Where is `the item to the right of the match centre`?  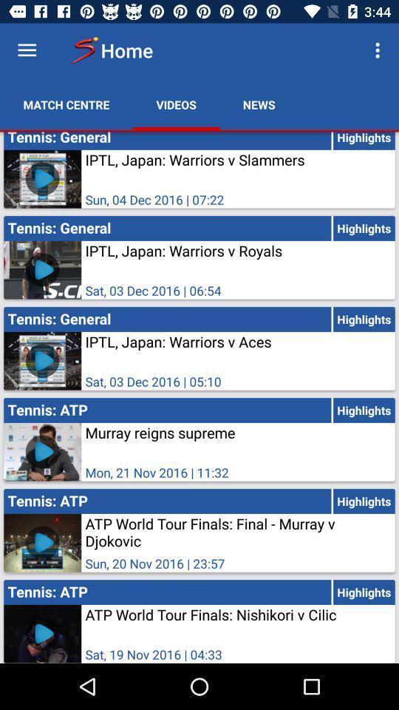
the item to the right of the match centre is located at coordinates (176, 104).